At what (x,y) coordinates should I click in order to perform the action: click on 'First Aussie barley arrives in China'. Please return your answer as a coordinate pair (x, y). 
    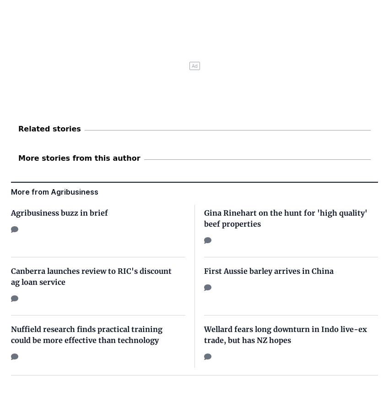
    Looking at the image, I should click on (269, 271).